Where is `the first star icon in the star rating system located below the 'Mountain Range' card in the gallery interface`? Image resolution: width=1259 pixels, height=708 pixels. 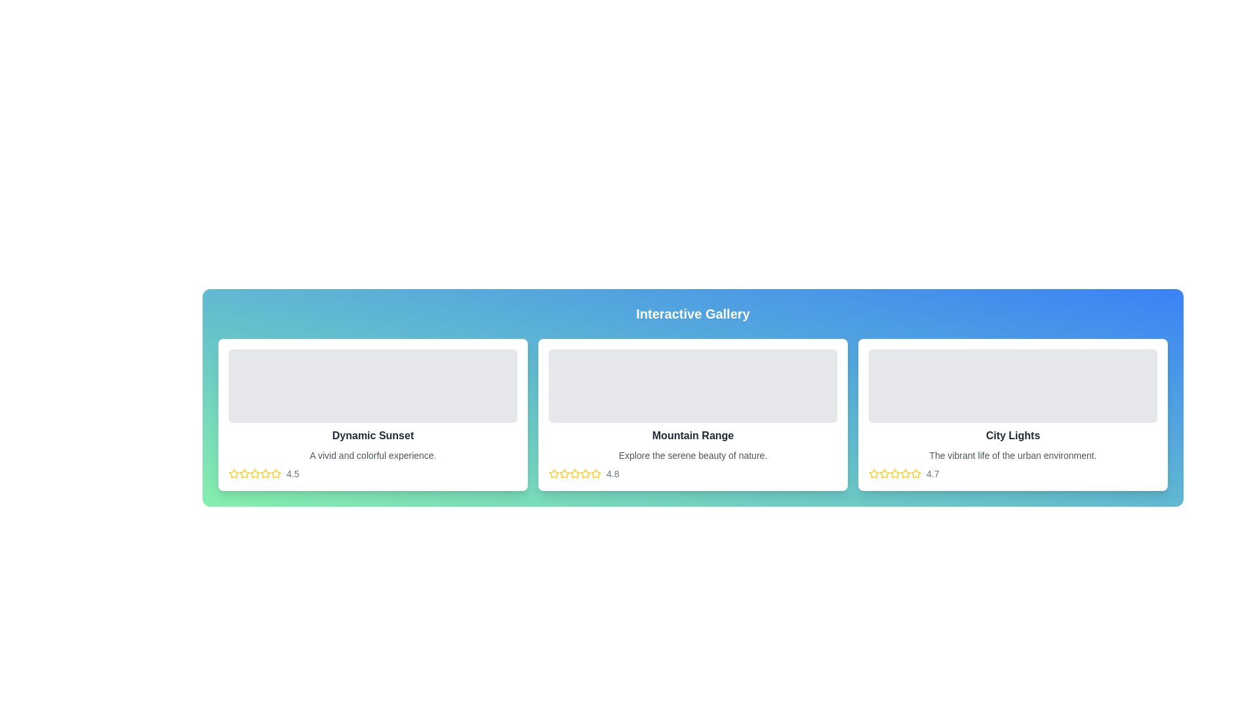 the first star icon in the star rating system located below the 'Mountain Range' card in the gallery interface is located at coordinates (553, 473).